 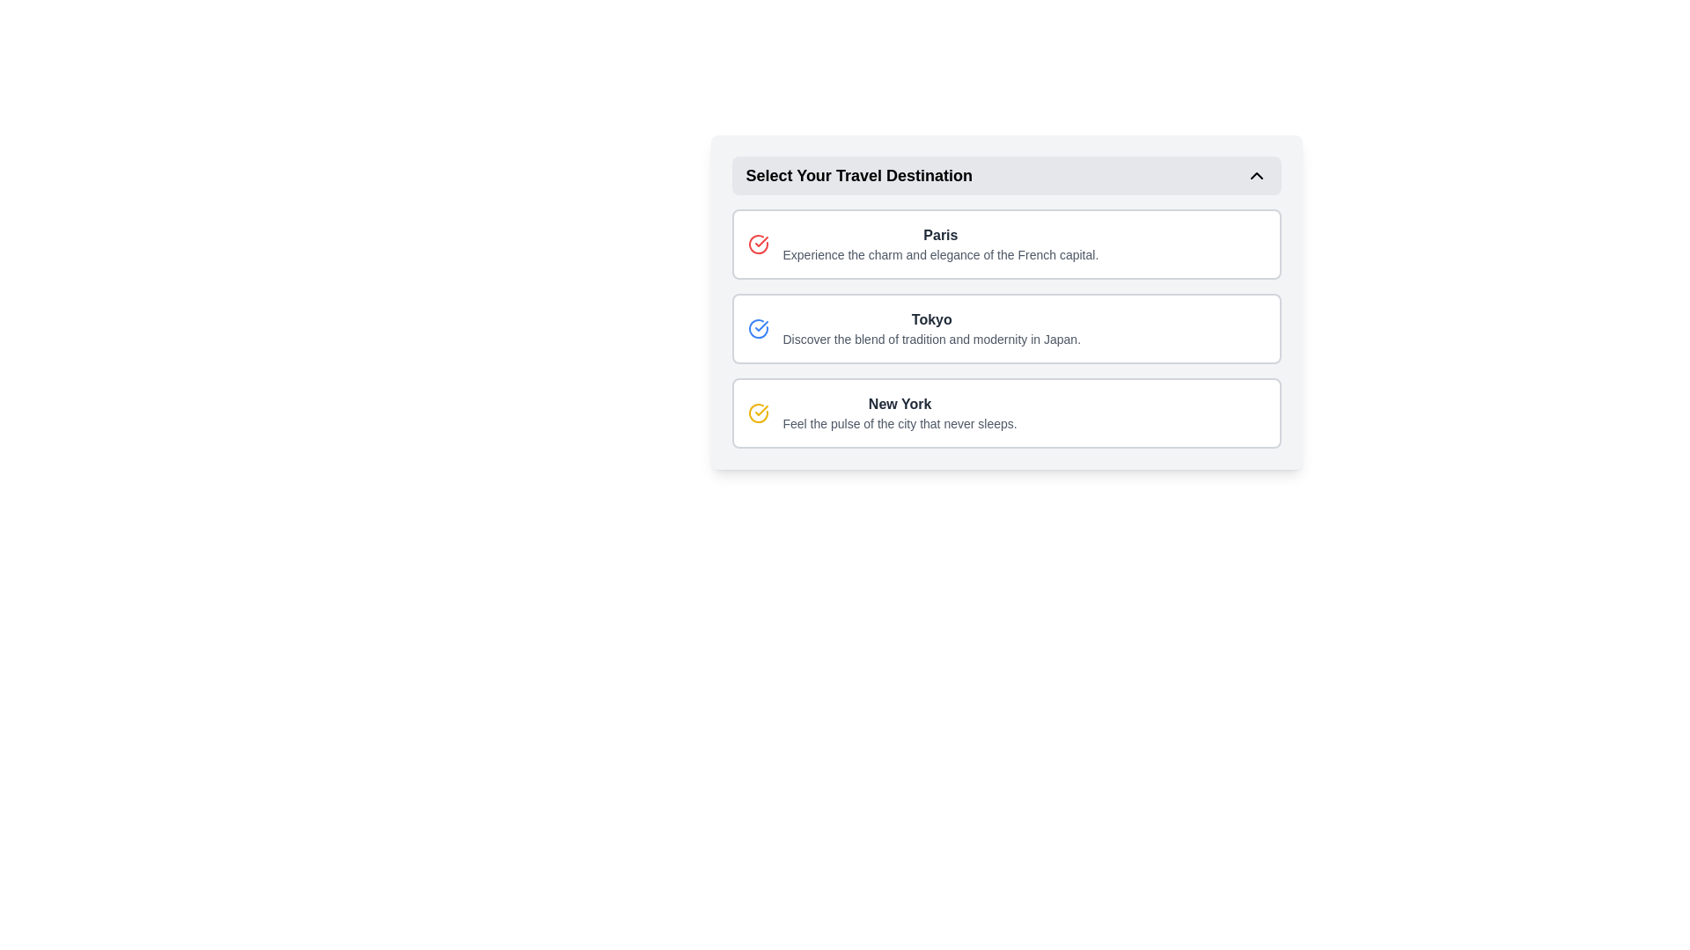 What do you see at coordinates (1006, 329) in the screenshot?
I see `text information from the Rich information card titled 'Tokyo', which contains a description about the blend of tradition and modernity in Japan` at bounding box center [1006, 329].